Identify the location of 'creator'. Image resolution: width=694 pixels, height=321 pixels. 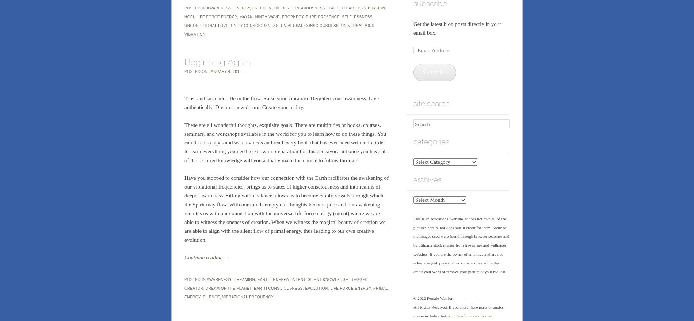
(184, 288).